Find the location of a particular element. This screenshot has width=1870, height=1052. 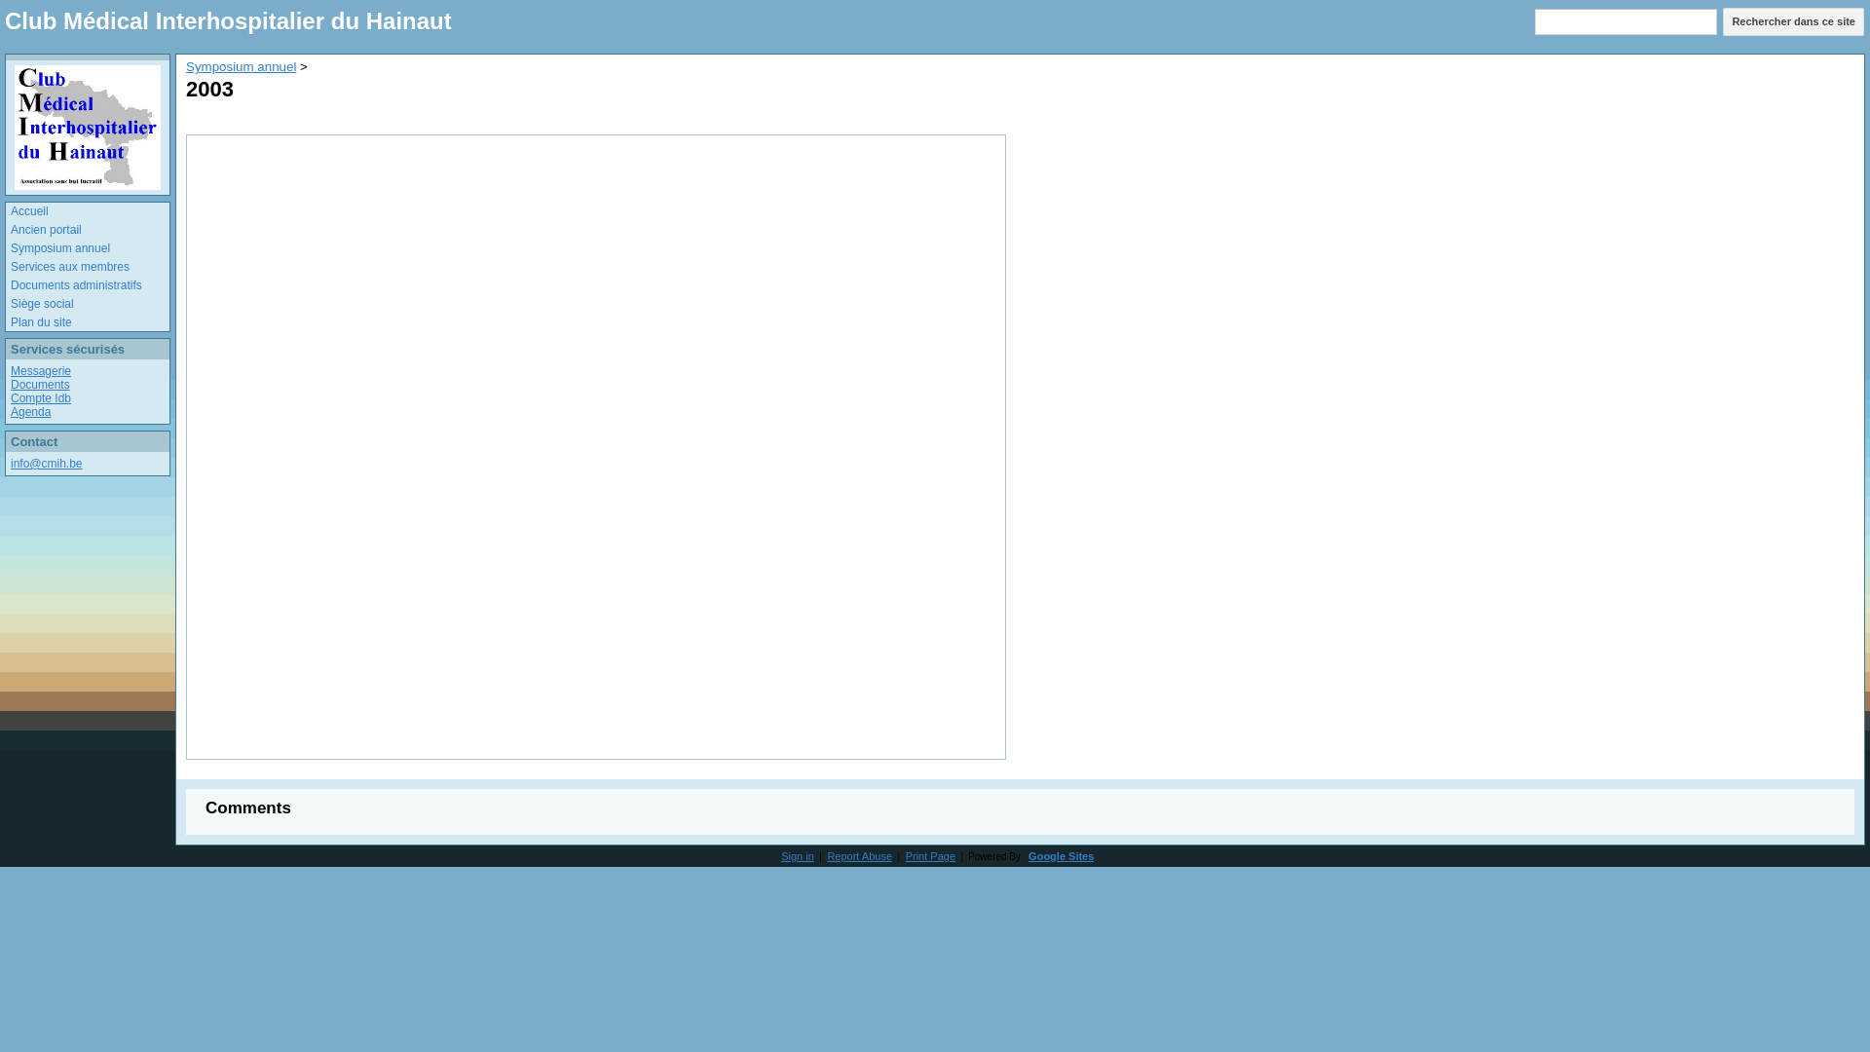

'Documents' is located at coordinates (40, 384).